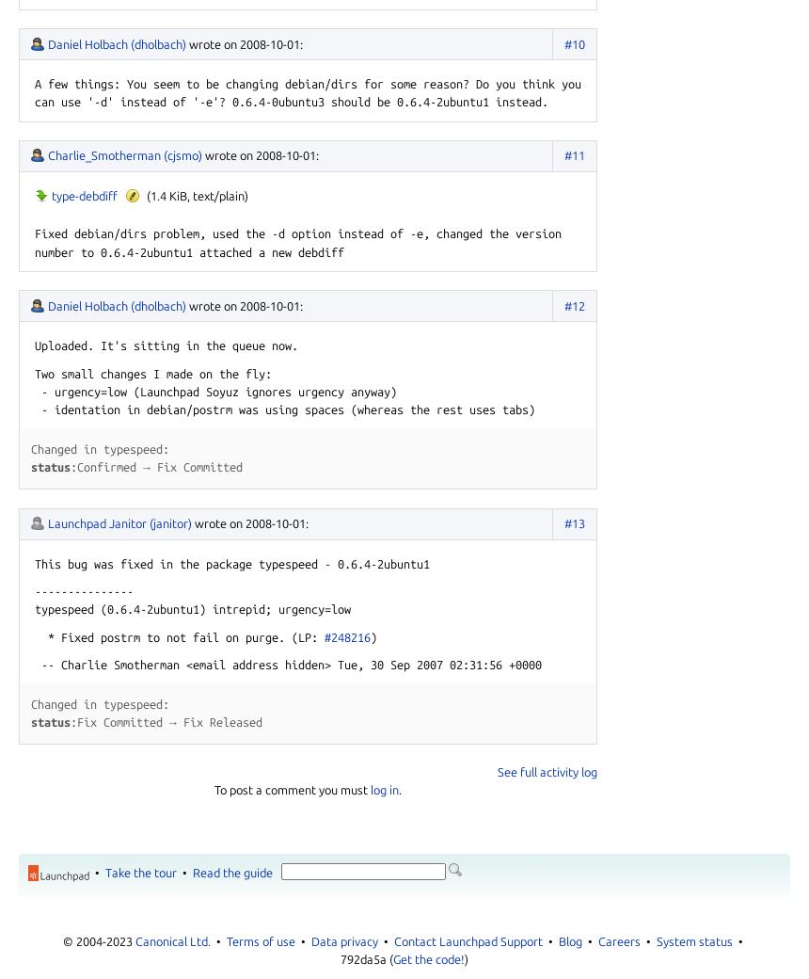 Image resolution: width=809 pixels, height=979 pixels. I want to click on 'Uploaded. It's sitting in the queue now.', so click(165, 345).